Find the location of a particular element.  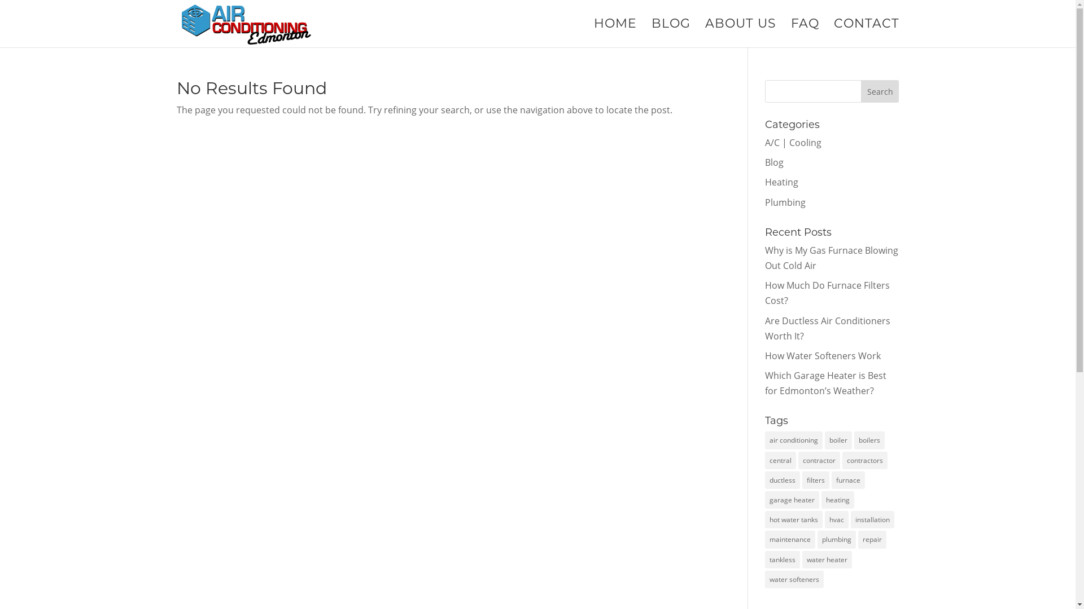

'Search' is located at coordinates (880, 91).